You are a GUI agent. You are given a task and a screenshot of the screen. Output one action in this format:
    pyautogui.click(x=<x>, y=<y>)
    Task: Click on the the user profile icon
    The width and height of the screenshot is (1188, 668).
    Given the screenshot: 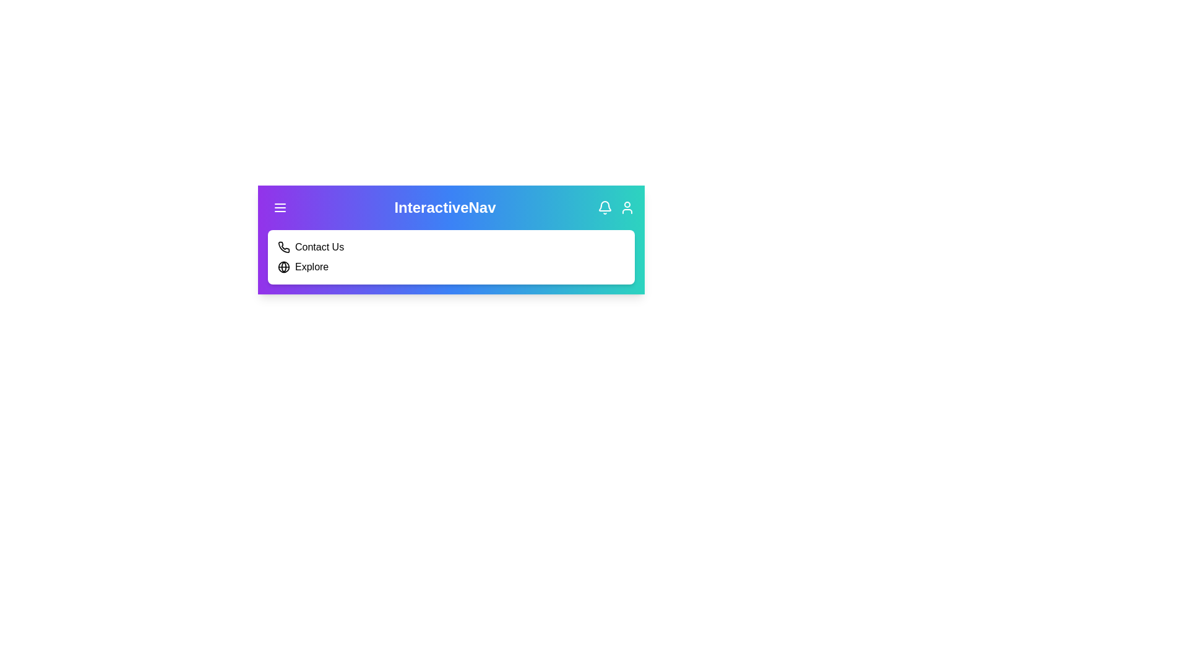 What is the action you would take?
    pyautogui.click(x=627, y=207)
    